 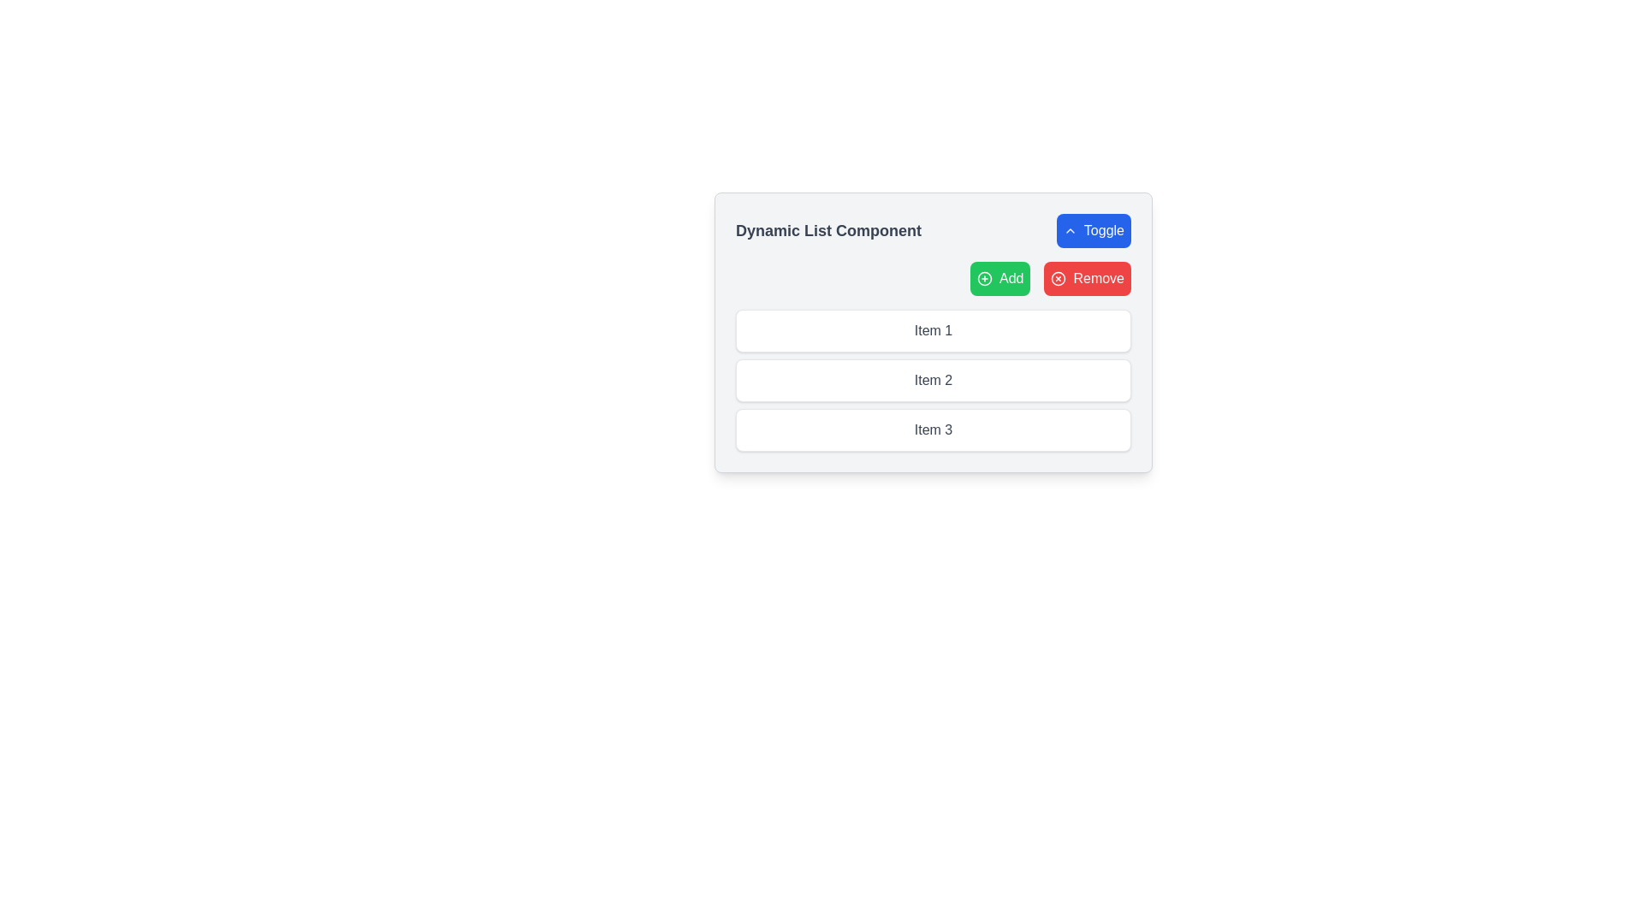 I want to click on the 'Remove' text label displayed in white, which is inside a red button with white rounded borders, located to the right of the green 'Add' button and below the blue 'Toggle' button, so click(x=1099, y=278).